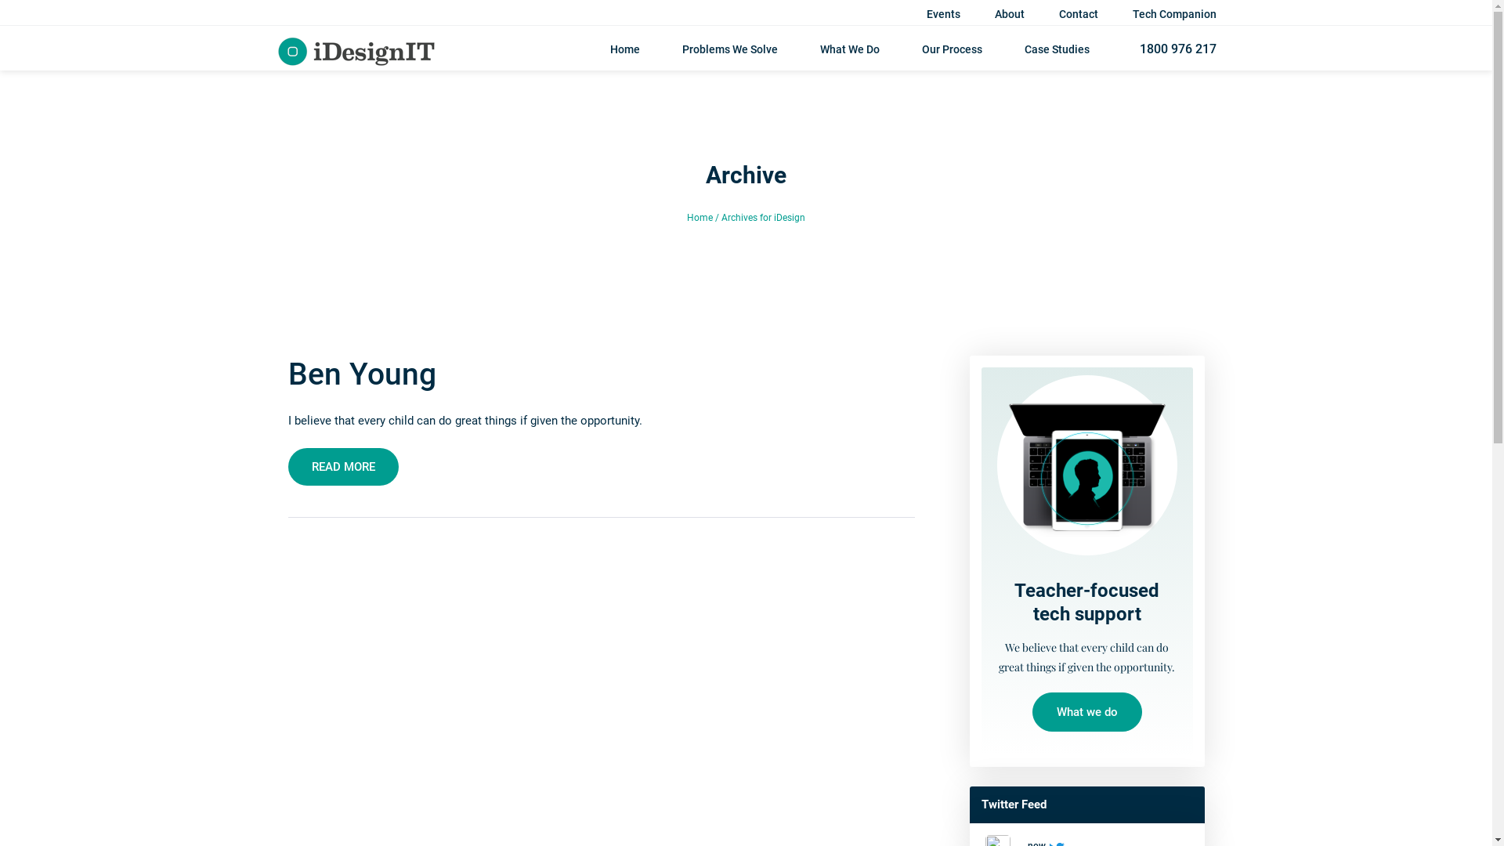 The image size is (1504, 846). I want to click on 'Home', so click(608, 54).